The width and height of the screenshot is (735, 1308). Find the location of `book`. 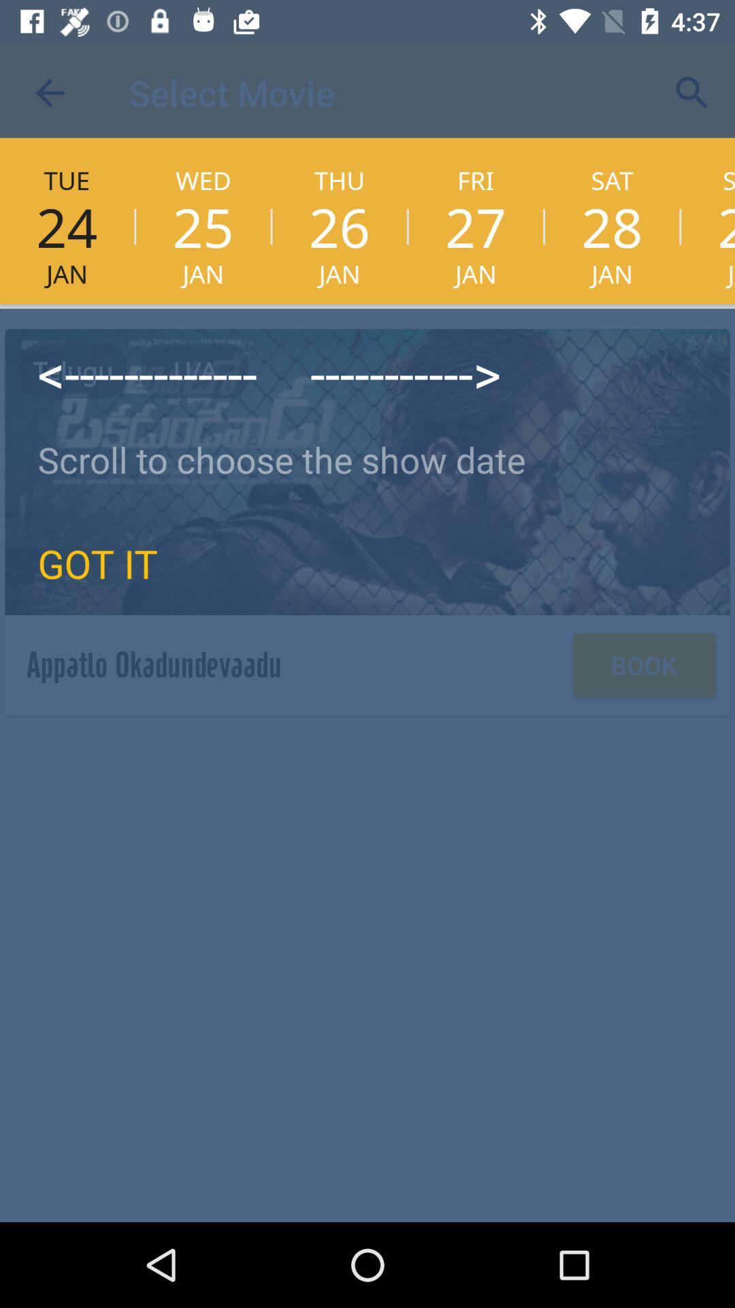

book is located at coordinates (643, 665).